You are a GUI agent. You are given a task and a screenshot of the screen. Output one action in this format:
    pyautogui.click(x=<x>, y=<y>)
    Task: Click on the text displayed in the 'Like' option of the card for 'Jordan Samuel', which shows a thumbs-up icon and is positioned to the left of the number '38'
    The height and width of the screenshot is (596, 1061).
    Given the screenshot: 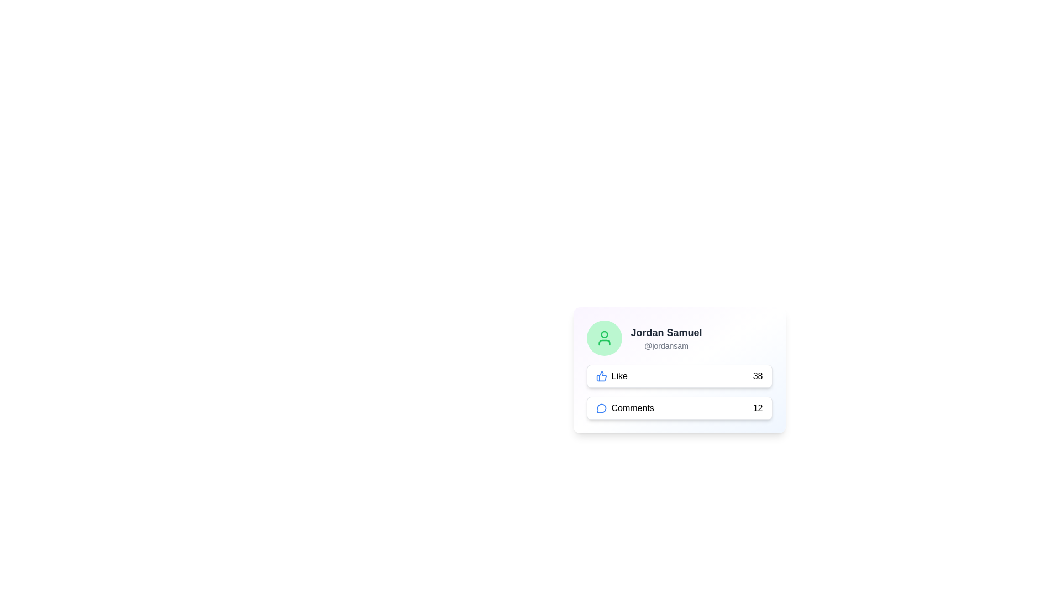 What is the action you would take?
    pyautogui.click(x=611, y=376)
    